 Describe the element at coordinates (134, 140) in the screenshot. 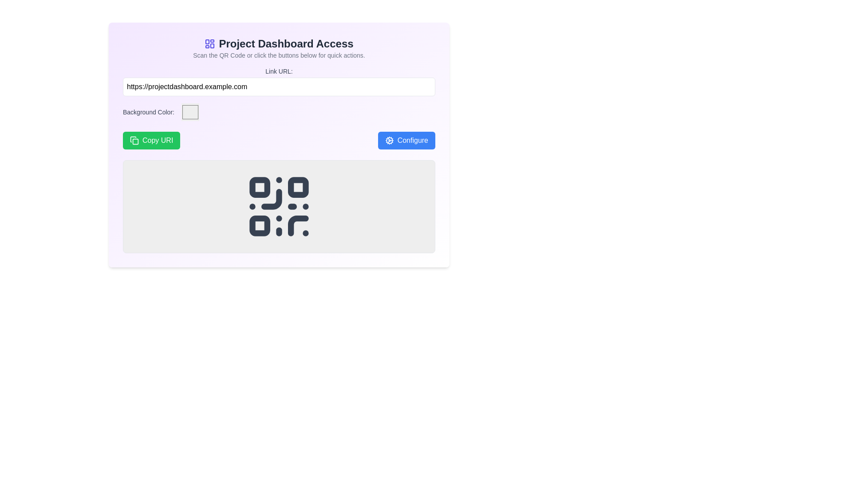

I see `the 'Copy' icon located to the left of the 'Copy URI' button's text, which has a green background with rounded corners` at that location.